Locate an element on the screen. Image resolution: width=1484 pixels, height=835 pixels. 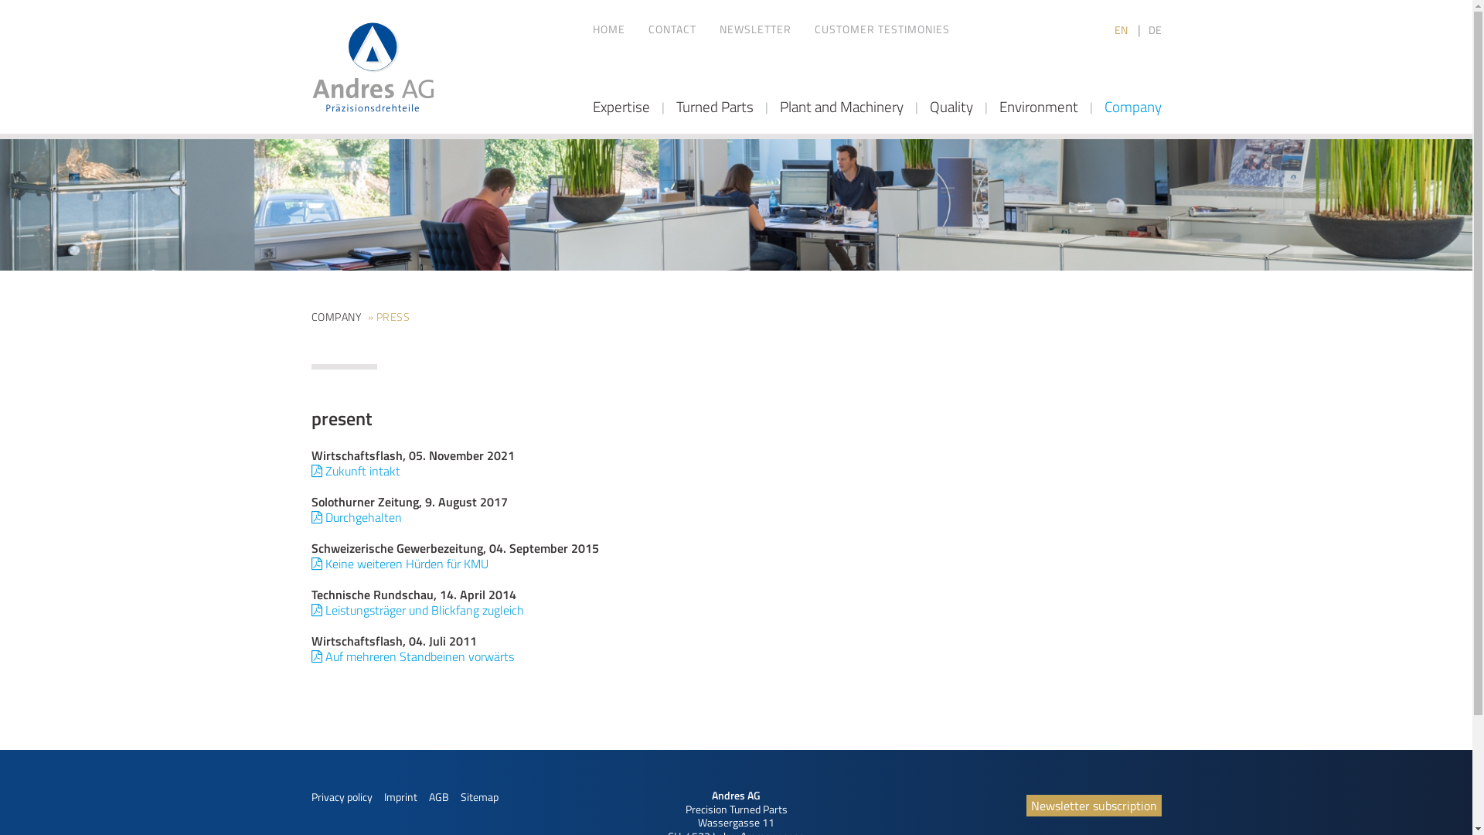
'CUSTOMER TESTIMONIES' is located at coordinates (814, 29).